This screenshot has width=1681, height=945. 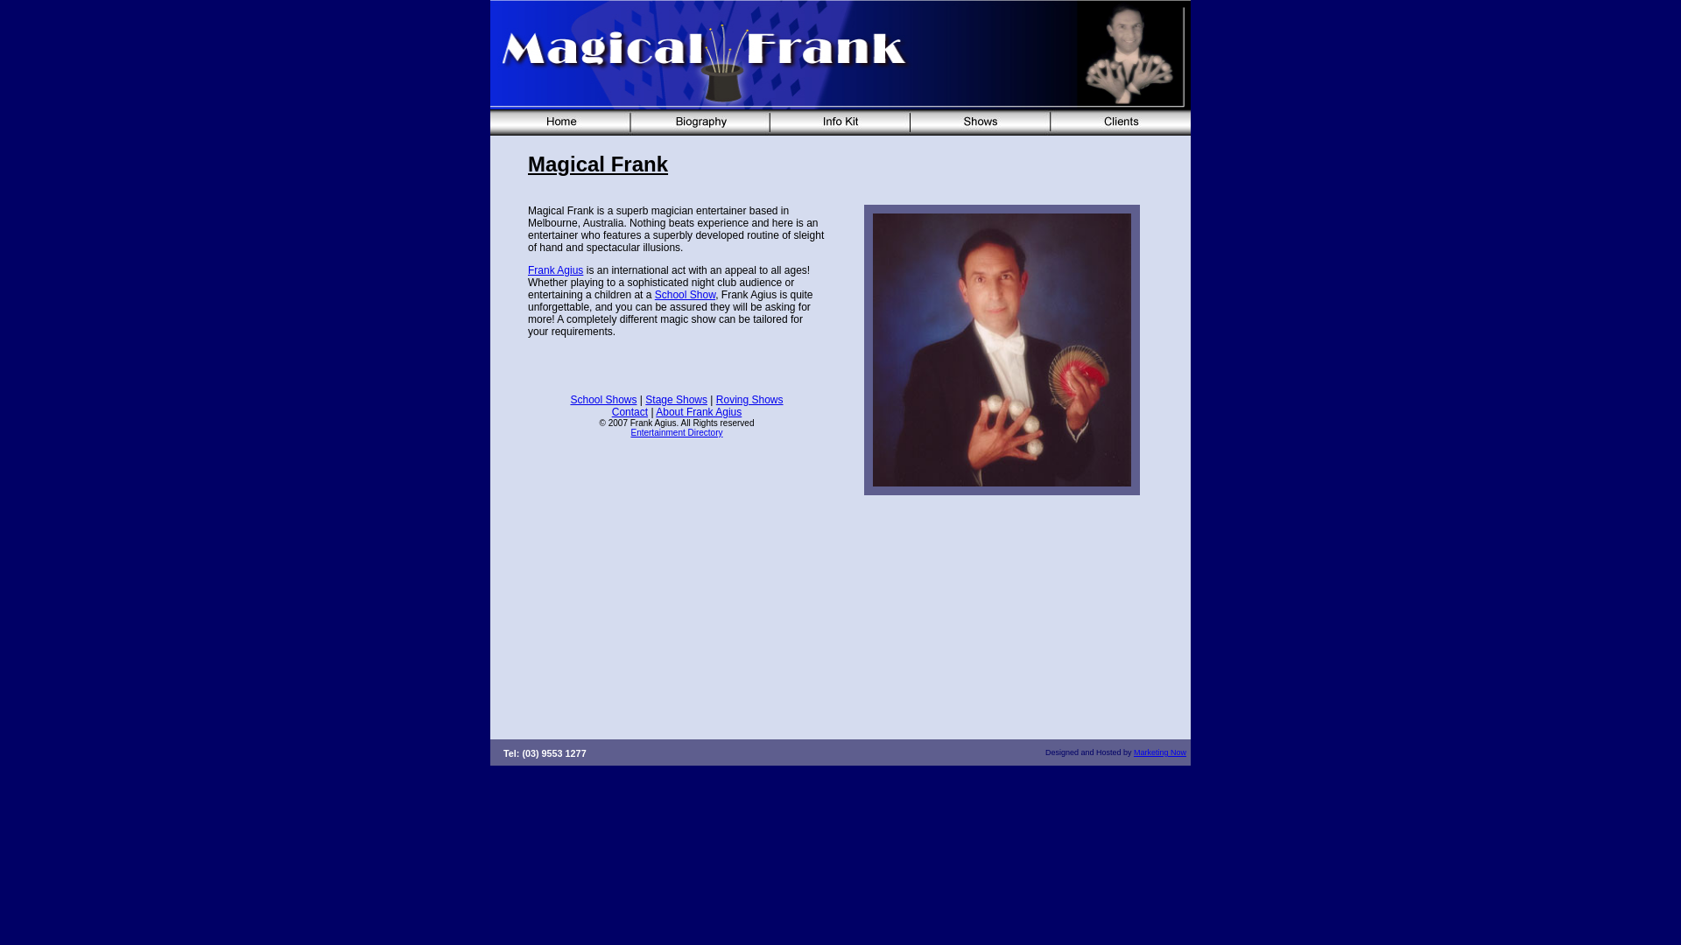 I want to click on 'Stage Shows', so click(x=675, y=399).